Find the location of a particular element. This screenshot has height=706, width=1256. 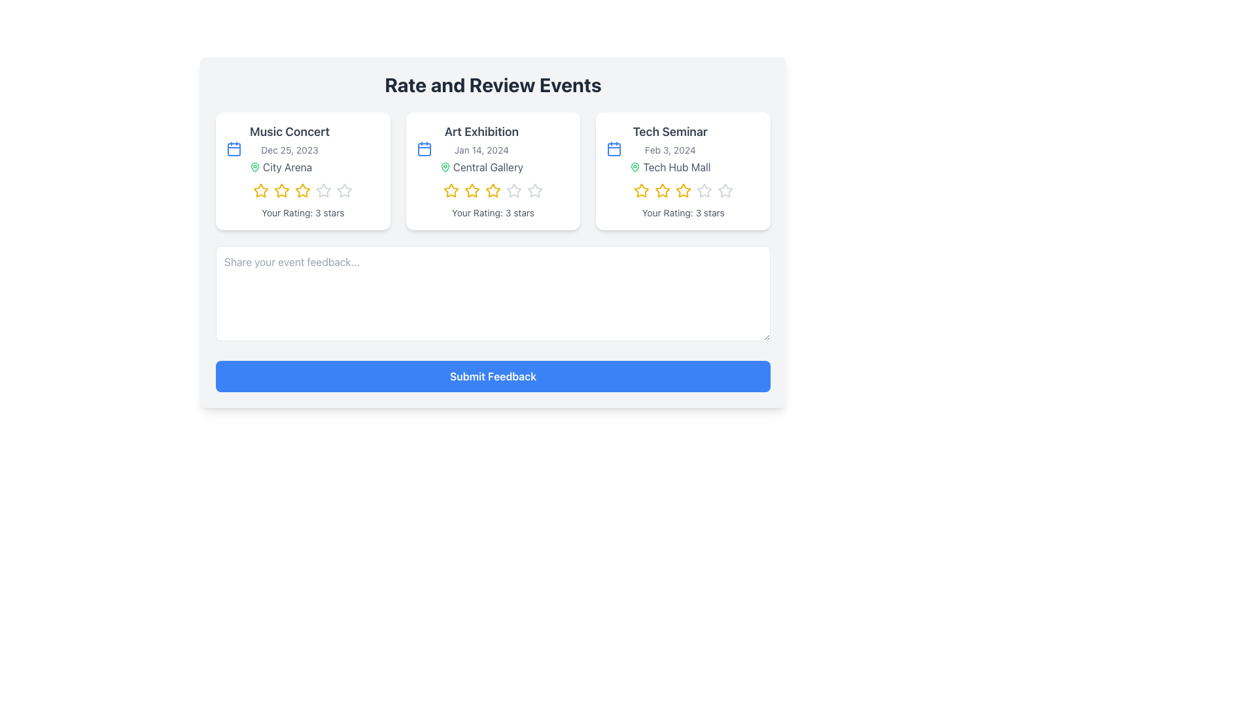

the third star icon in the five-star rating system for the 'Music Concert' card, located below the 'City Arena' text and above the 'Your Rating: 3 stars' label is located at coordinates (302, 190).